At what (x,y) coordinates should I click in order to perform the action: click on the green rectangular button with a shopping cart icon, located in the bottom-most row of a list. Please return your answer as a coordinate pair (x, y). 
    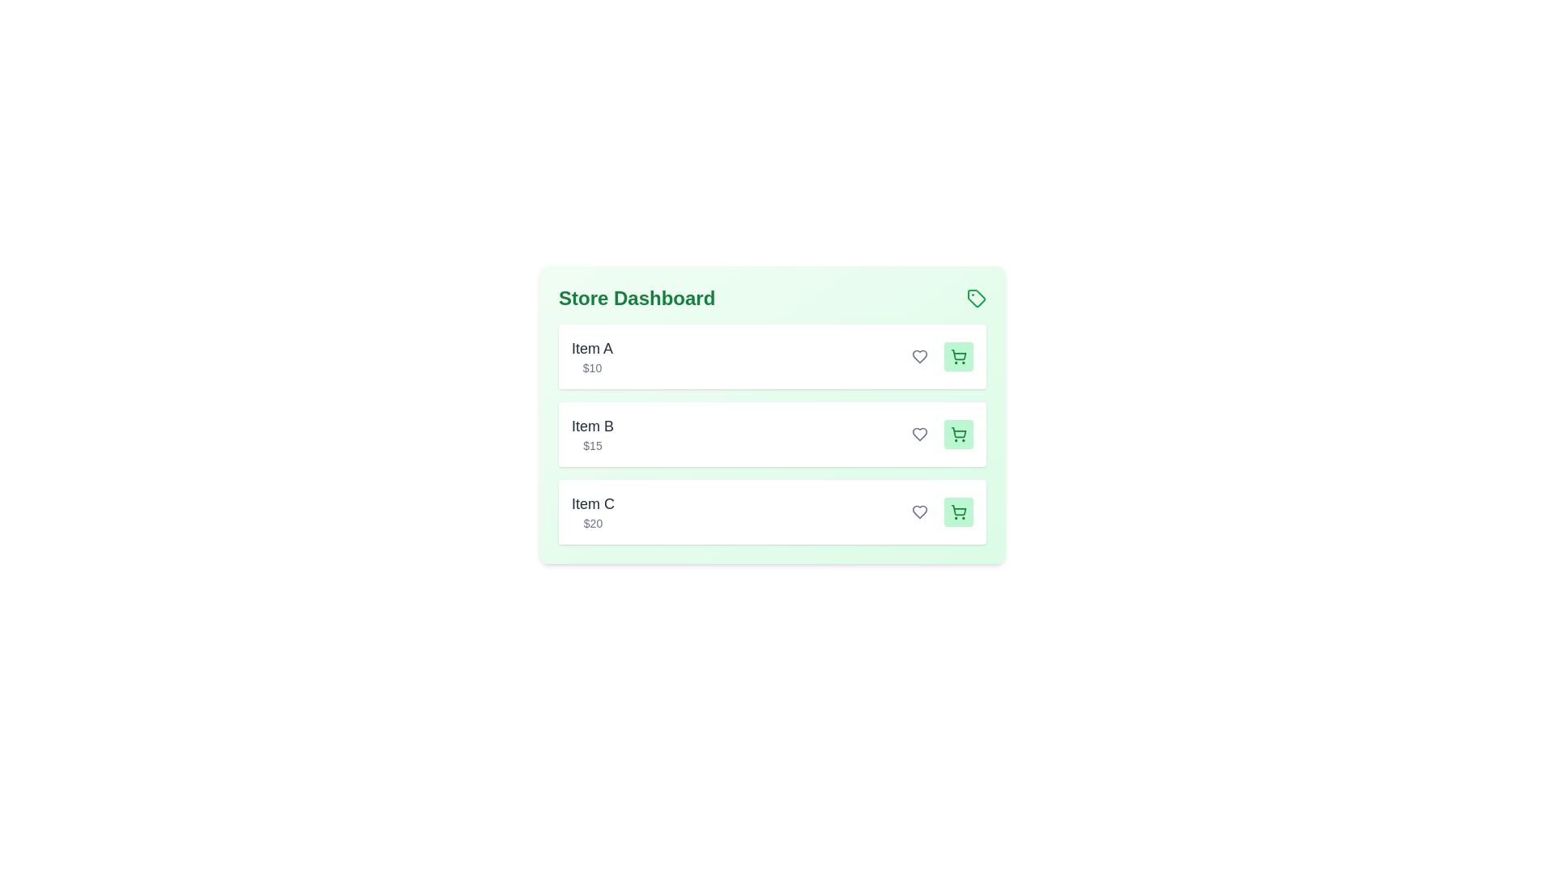
    Looking at the image, I should click on (959, 511).